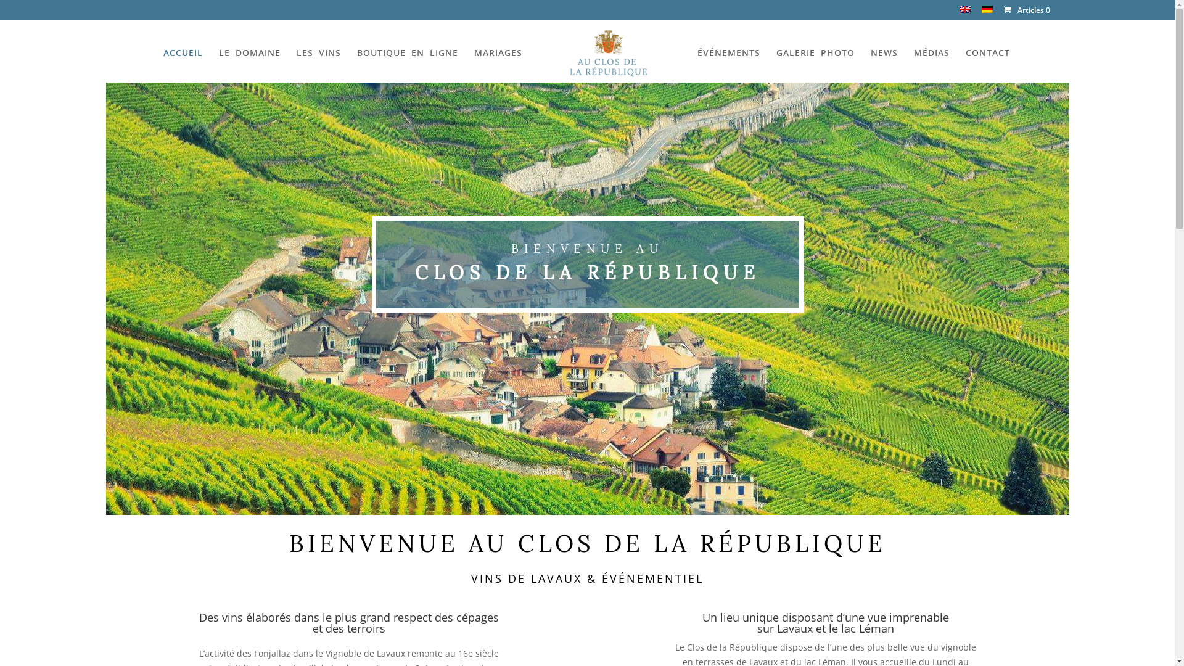 This screenshot has width=1184, height=666. I want to click on 'Articles 0', so click(1025, 10).